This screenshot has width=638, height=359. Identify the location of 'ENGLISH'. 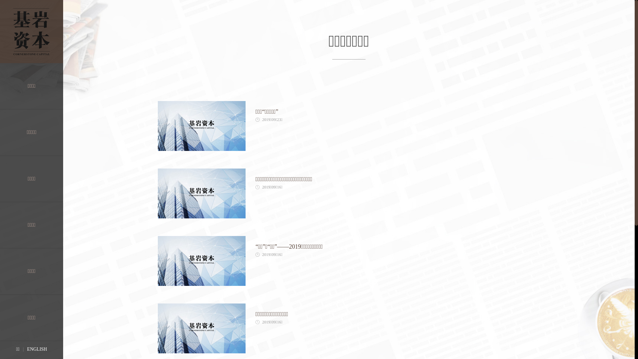
(37, 349).